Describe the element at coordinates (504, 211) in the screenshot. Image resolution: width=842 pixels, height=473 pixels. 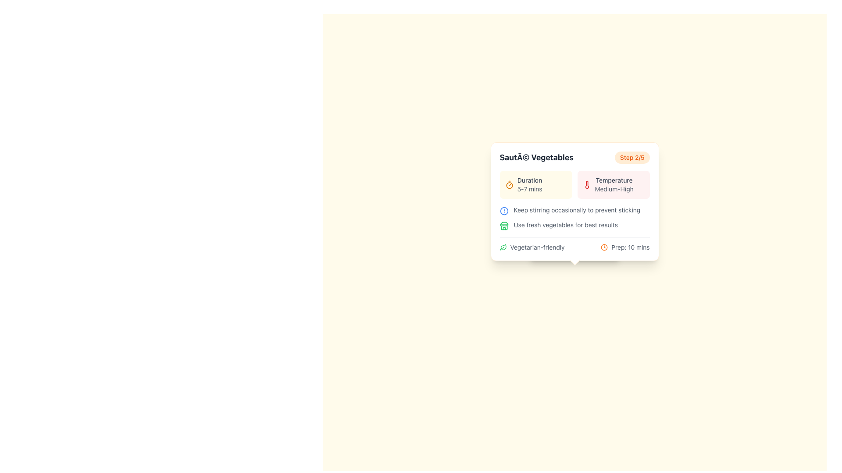
I see `the circular blue outlined icon with a white interior and a vertical exclamation mark in the center, which is aligned with the informational text about stirring` at that location.